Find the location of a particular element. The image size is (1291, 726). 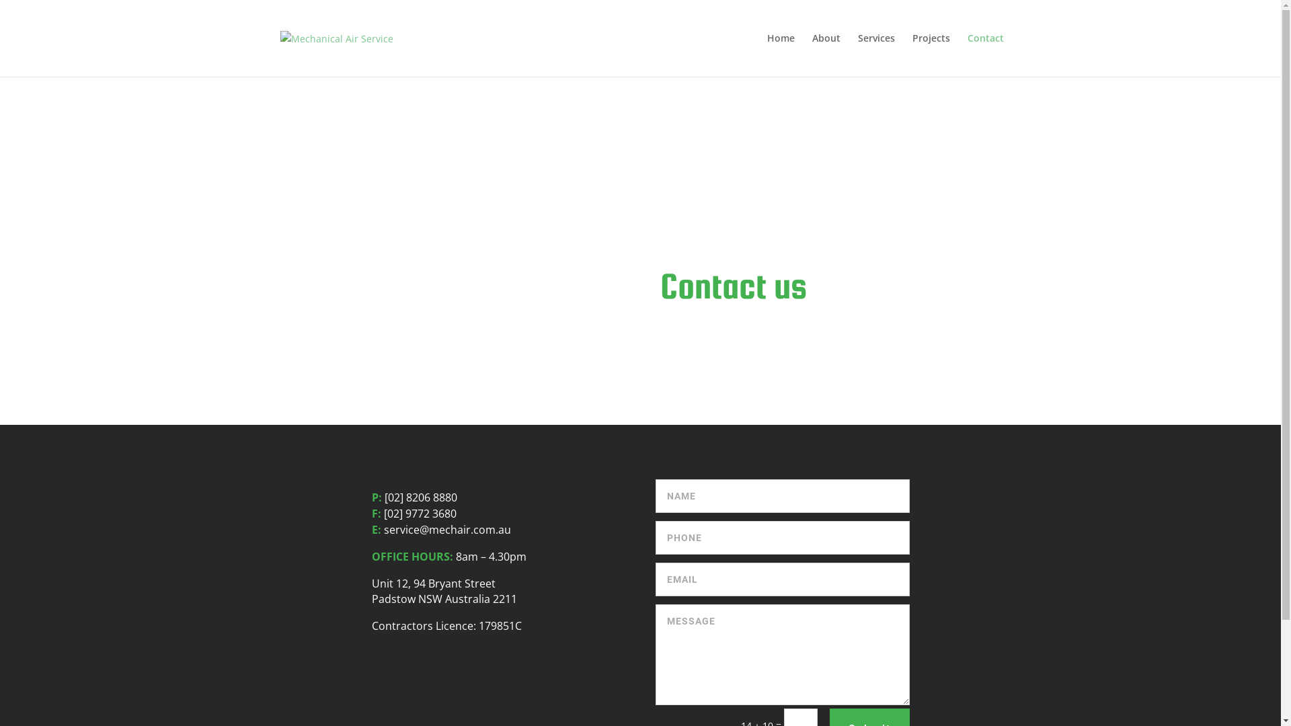

'About' is located at coordinates (825, 54).